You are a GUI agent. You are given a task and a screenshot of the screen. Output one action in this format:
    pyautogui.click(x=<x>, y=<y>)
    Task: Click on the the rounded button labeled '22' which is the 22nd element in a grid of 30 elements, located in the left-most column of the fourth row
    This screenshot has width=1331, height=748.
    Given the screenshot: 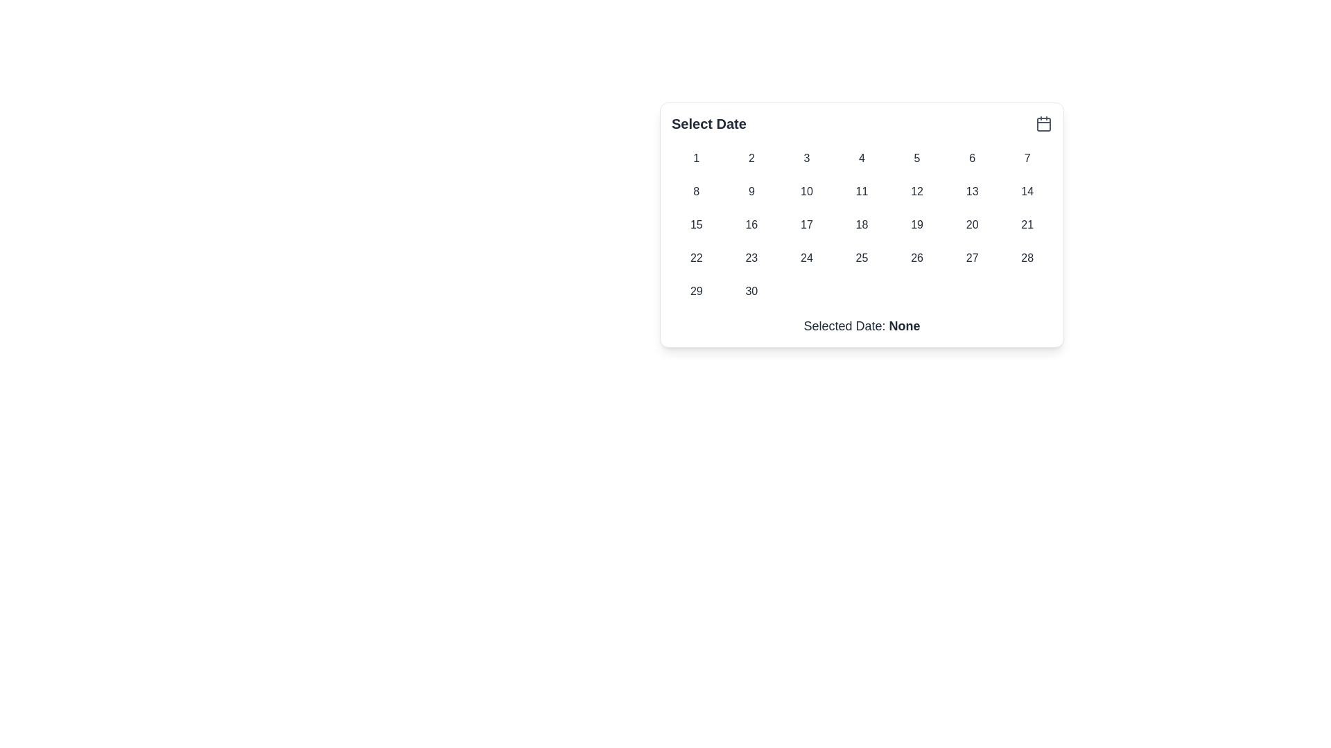 What is the action you would take?
    pyautogui.click(x=696, y=258)
    